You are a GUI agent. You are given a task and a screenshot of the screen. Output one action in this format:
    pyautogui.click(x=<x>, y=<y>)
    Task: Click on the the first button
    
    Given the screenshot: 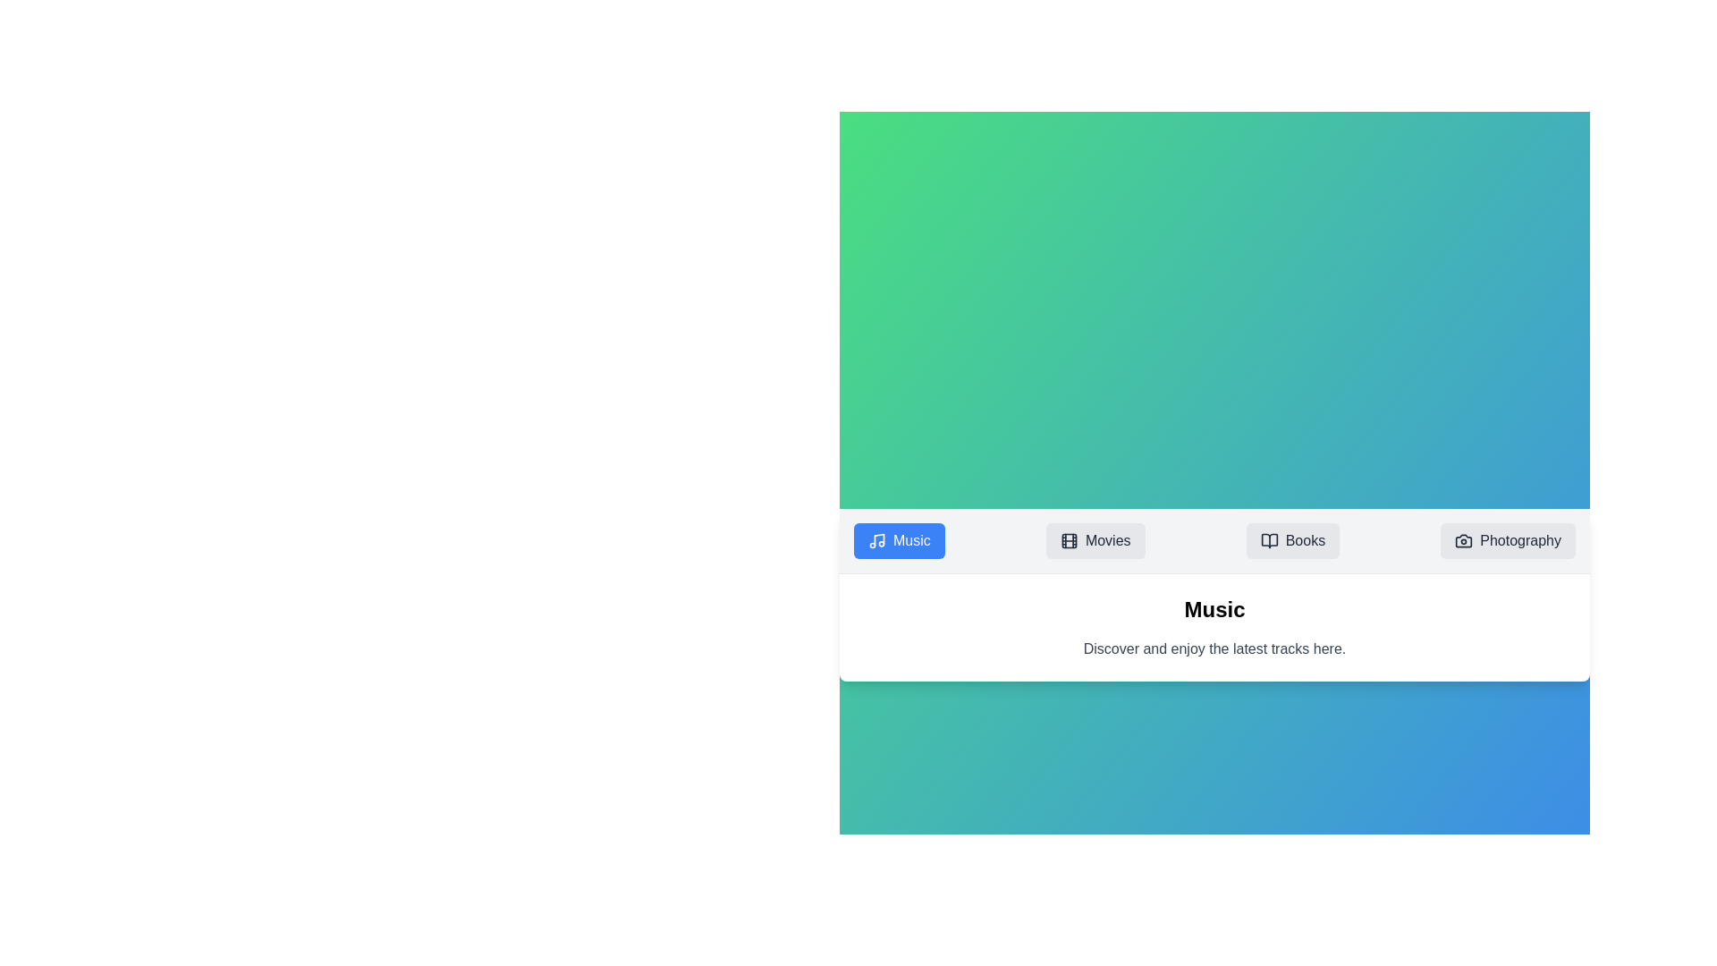 What is the action you would take?
    pyautogui.click(x=899, y=539)
    